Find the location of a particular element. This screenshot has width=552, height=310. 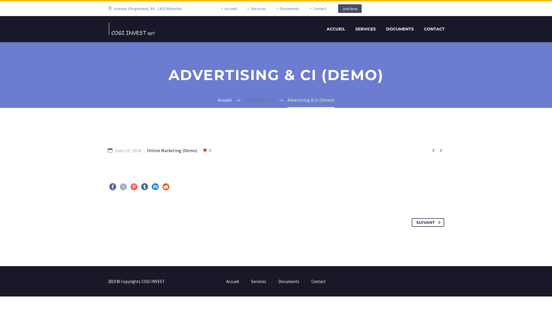

'Join Now' is located at coordinates (338, 9).